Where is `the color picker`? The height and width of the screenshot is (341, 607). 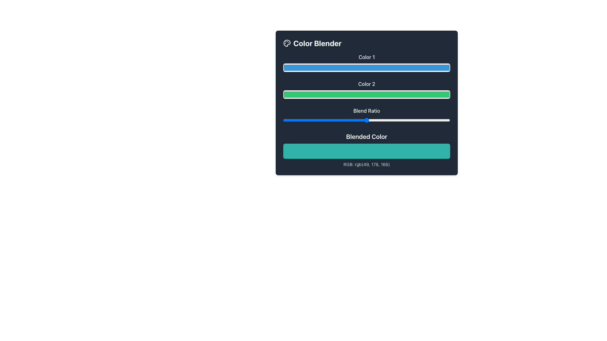
the color picker is located at coordinates (367, 94).